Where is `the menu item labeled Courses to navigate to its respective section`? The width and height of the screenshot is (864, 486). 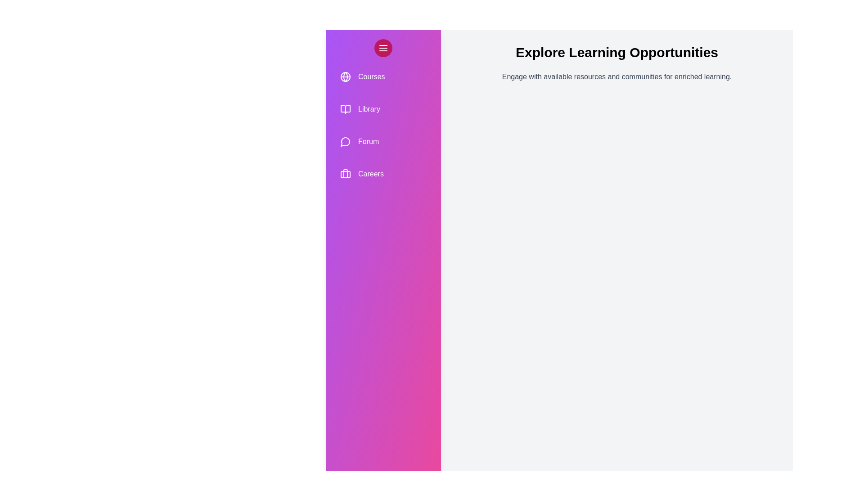 the menu item labeled Courses to navigate to its respective section is located at coordinates (383, 76).